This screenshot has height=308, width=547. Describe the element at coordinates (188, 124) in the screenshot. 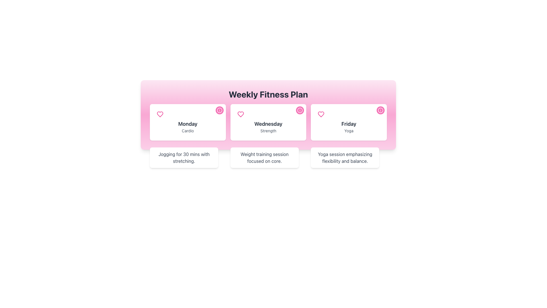

I see `text content of the label displaying 'Monday' in bold, dark gray font, located centrally in the first card of the 'Weekly Fitness Plan' section` at that location.